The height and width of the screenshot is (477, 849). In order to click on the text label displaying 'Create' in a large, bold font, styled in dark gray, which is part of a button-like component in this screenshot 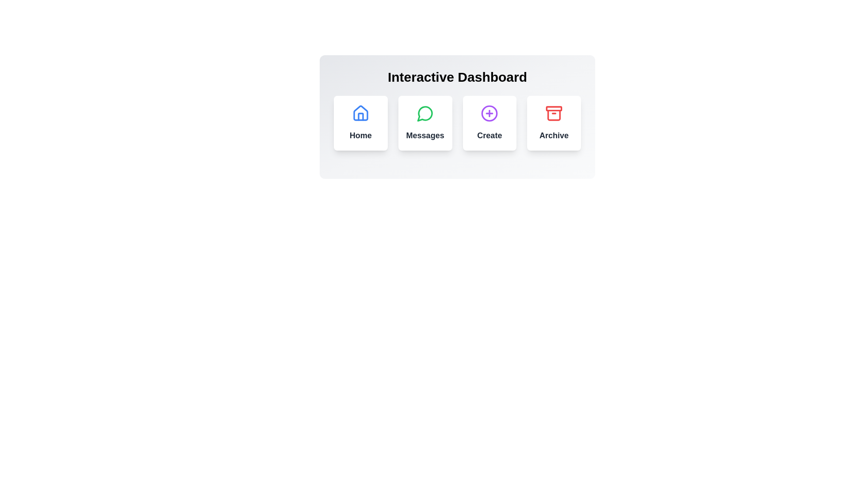, I will do `click(489, 136)`.